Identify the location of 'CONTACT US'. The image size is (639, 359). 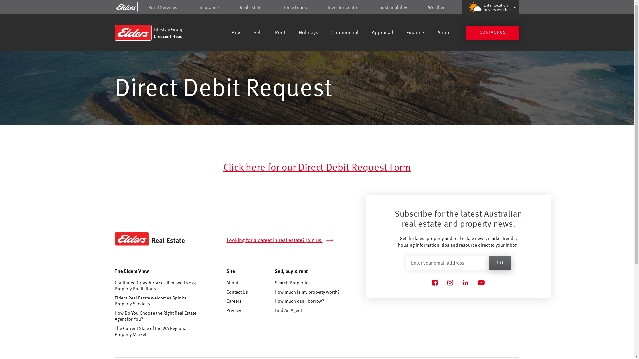
(492, 32).